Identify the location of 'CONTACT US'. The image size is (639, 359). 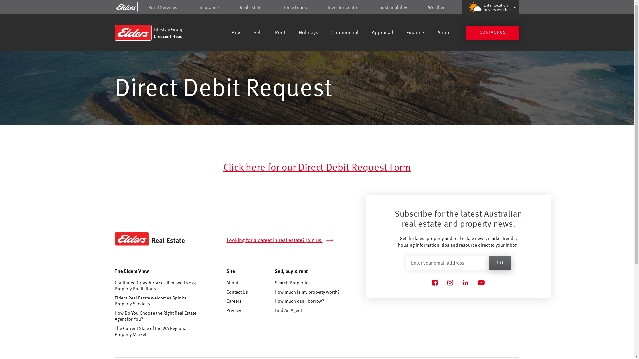
(492, 32).